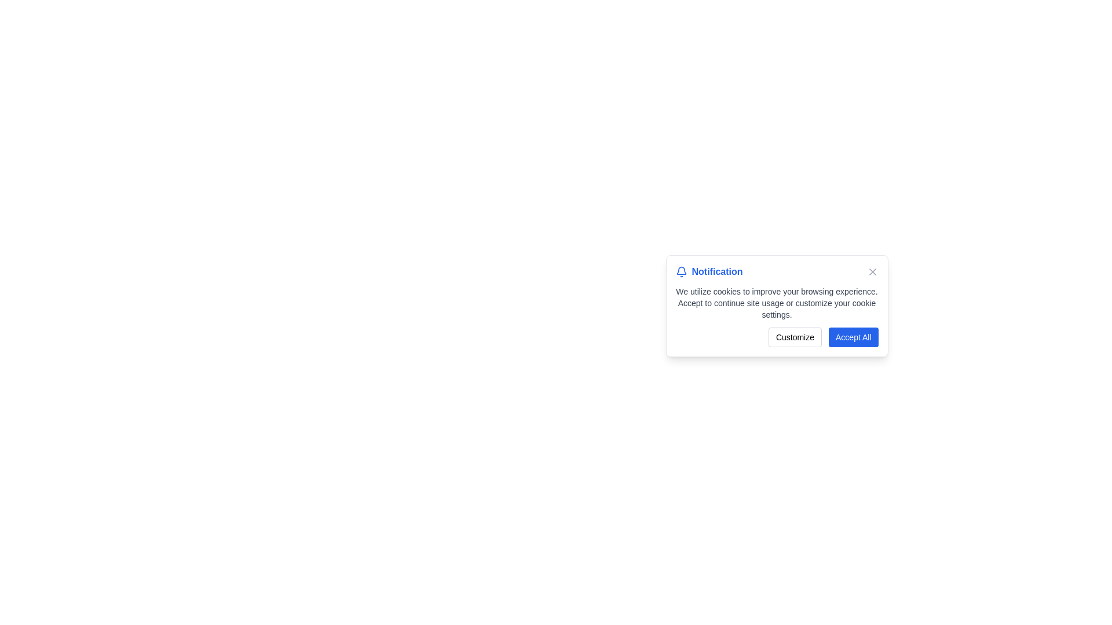 Image resolution: width=1112 pixels, height=625 pixels. What do you see at coordinates (872, 272) in the screenshot?
I see `the close icon located at the top-right corner of the notification modal` at bounding box center [872, 272].